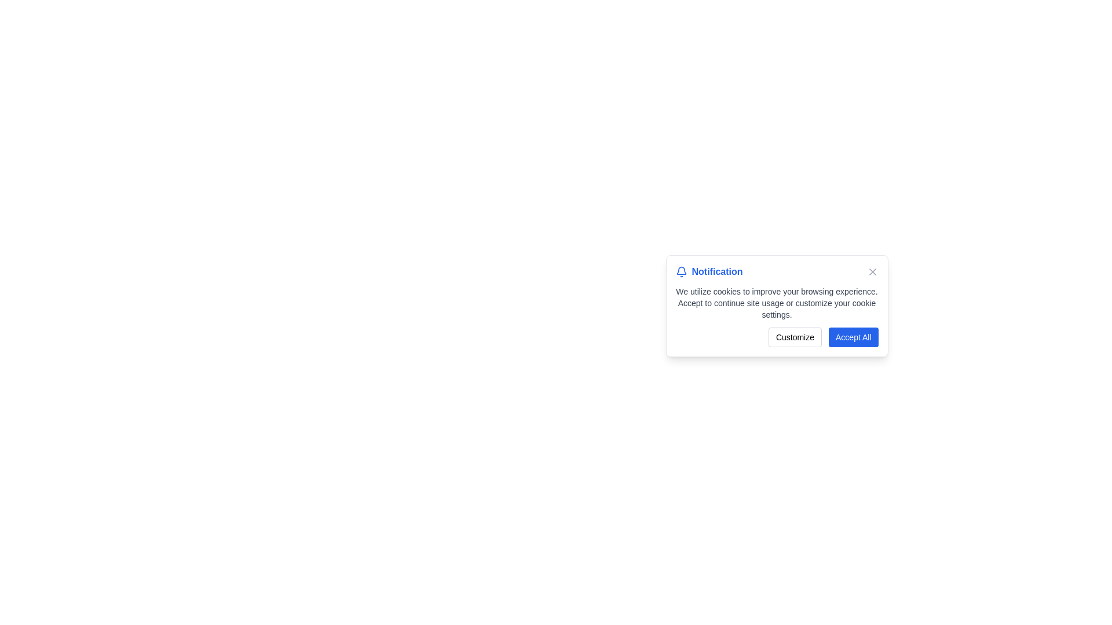 Image resolution: width=1112 pixels, height=625 pixels. What do you see at coordinates (872, 272) in the screenshot?
I see `the close icon located at the top-right corner of the notification modal` at bounding box center [872, 272].